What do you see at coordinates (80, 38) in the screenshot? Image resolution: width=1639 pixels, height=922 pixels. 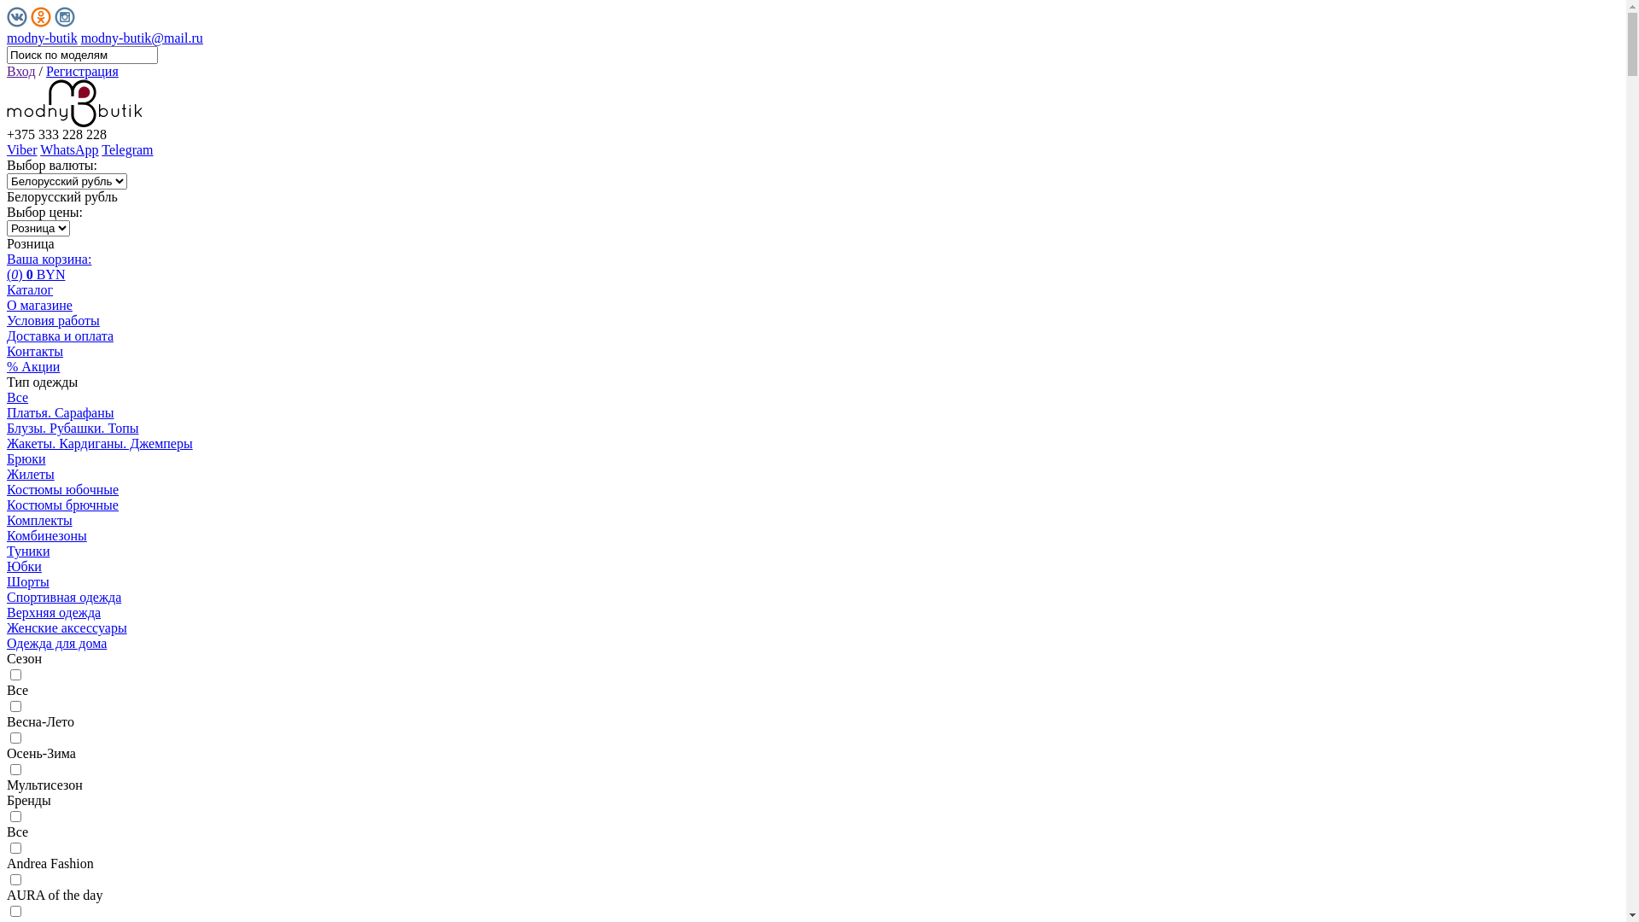 I see `'modny-butik@mail.ru'` at bounding box center [80, 38].